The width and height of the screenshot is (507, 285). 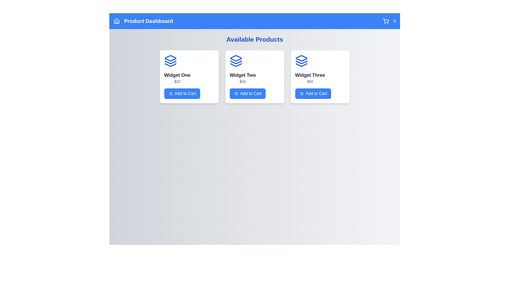 What do you see at coordinates (395, 21) in the screenshot?
I see `the text label displaying the number '0' in white font on a blue background, located in the top-right corner of the interface, next to a shopping cart icon` at bounding box center [395, 21].